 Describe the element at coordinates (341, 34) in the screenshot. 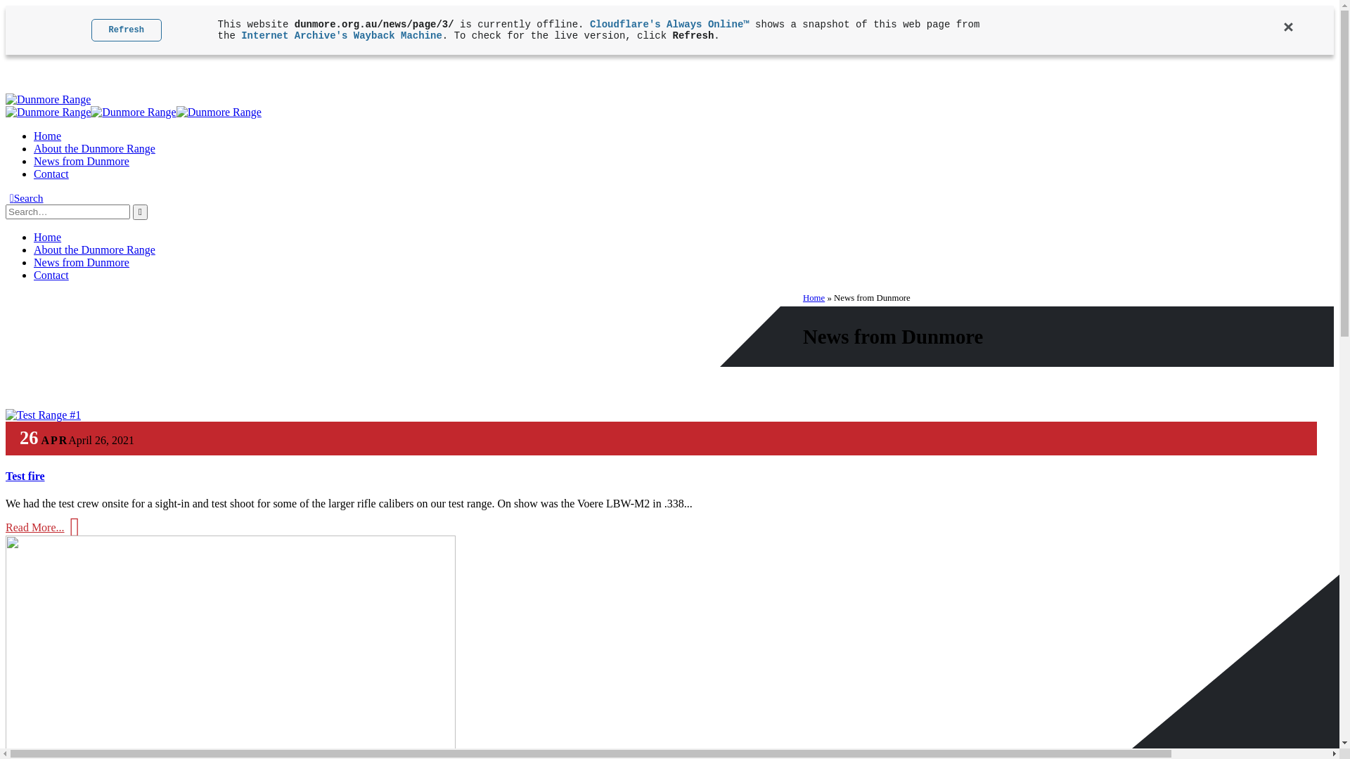

I see `'Internet Archive's Wayback Machine'` at that location.